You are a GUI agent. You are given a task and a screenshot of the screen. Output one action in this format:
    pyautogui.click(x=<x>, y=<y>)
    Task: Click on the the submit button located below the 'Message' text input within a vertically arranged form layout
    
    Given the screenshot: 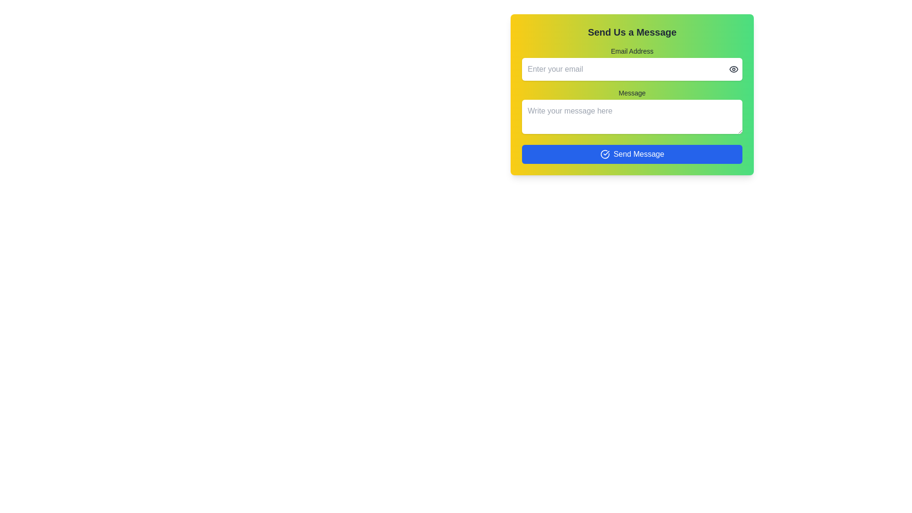 What is the action you would take?
    pyautogui.click(x=632, y=153)
    